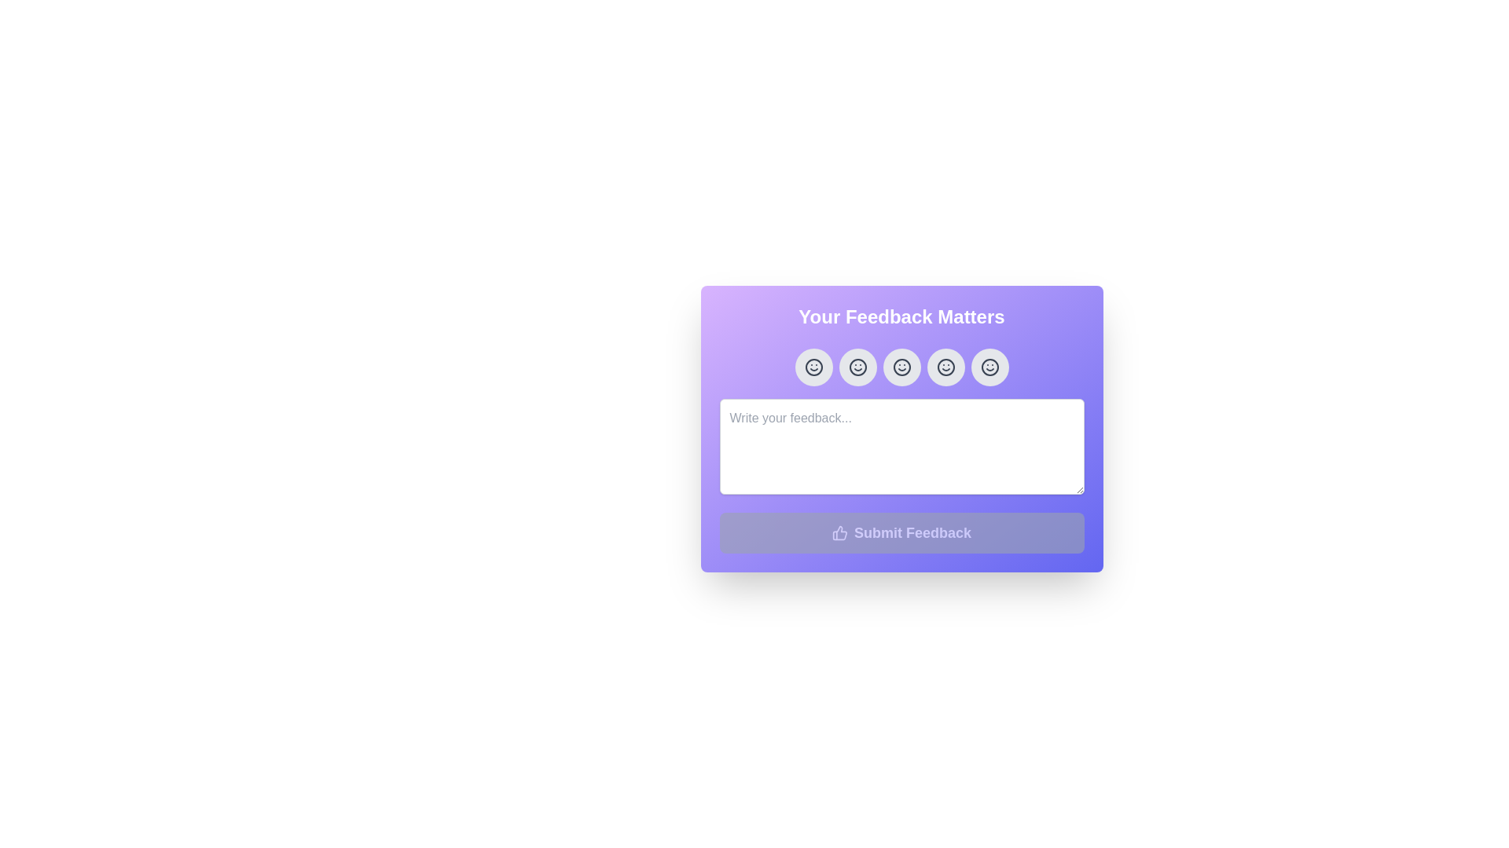 The image size is (1509, 848). Describe the element at coordinates (901, 367) in the screenshot. I see `the third smiley face icon representing a neutral feedback option located below the heading 'Your Feedback Matters'` at that location.